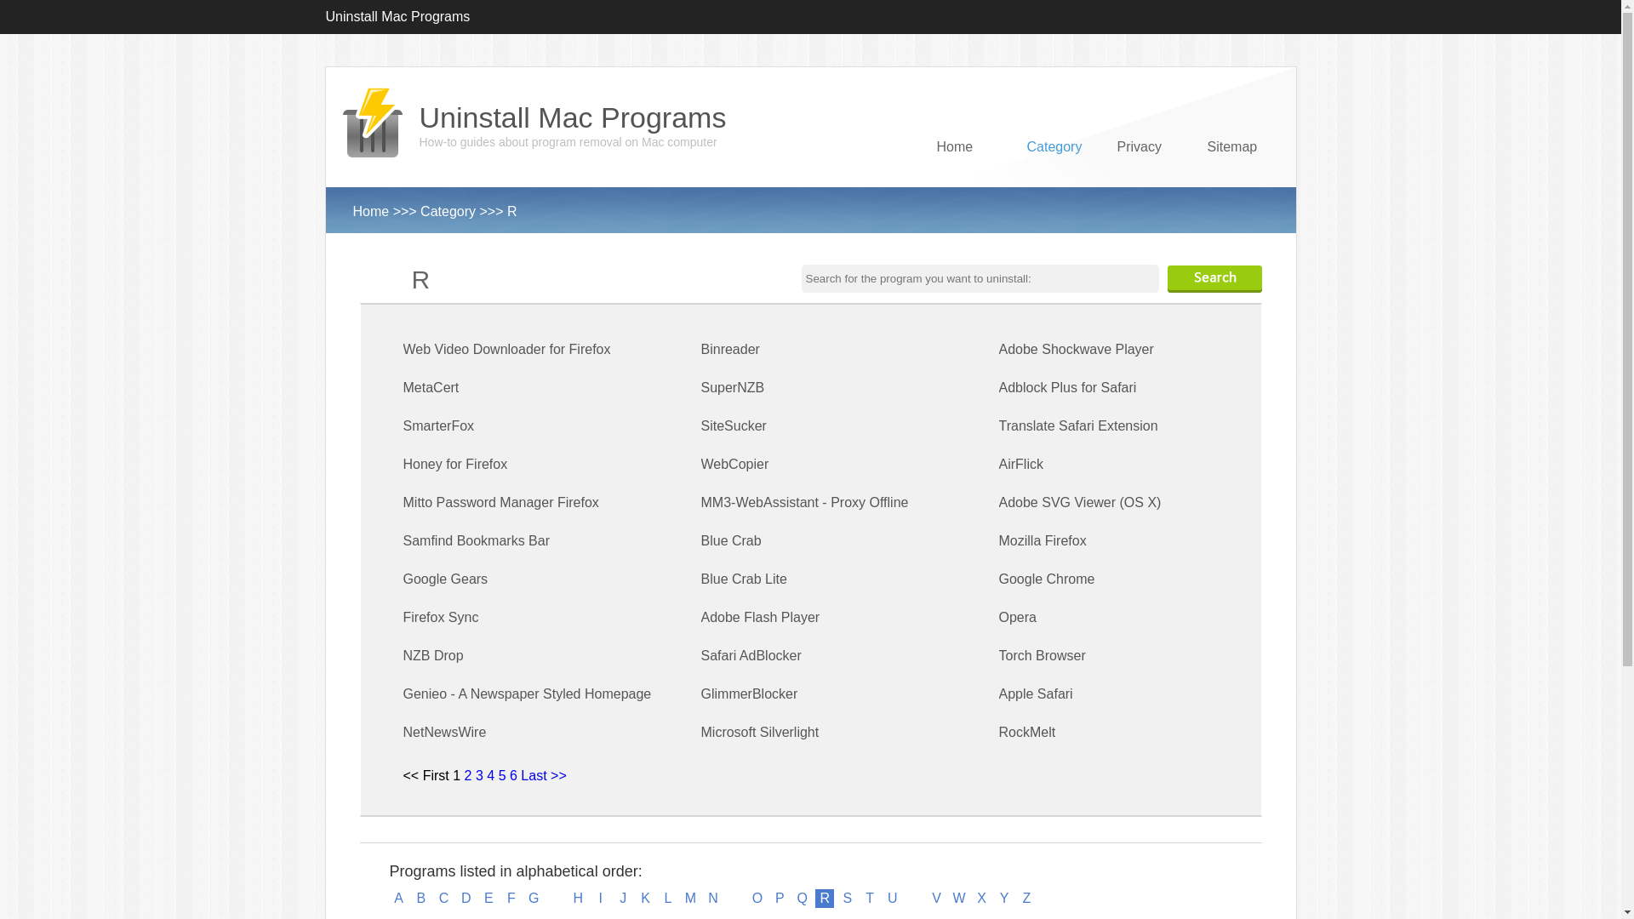 The image size is (1634, 919). What do you see at coordinates (870, 898) in the screenshot?
I see `'T'` at bounding box center [870, 898].